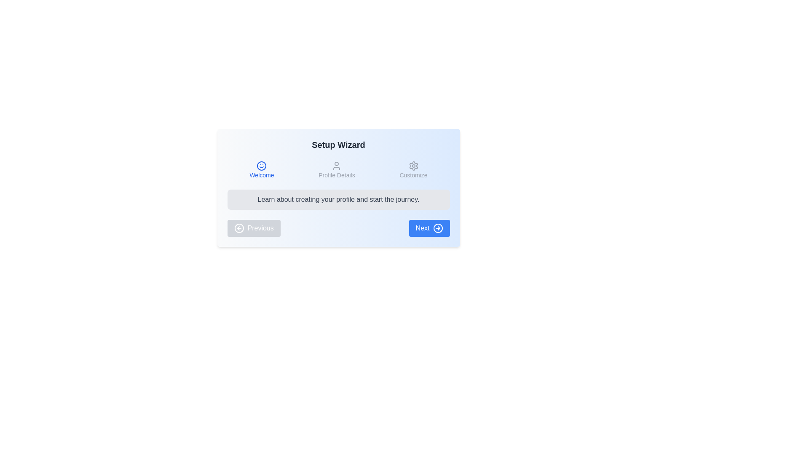 The image size is (809, 455). Describe the element at coordinates (413, 175) in the screenshot. I see `the 'Customize' label, which is a light gray text label located below a gear icon in the top-right section of the setup wizard interface` at that location.